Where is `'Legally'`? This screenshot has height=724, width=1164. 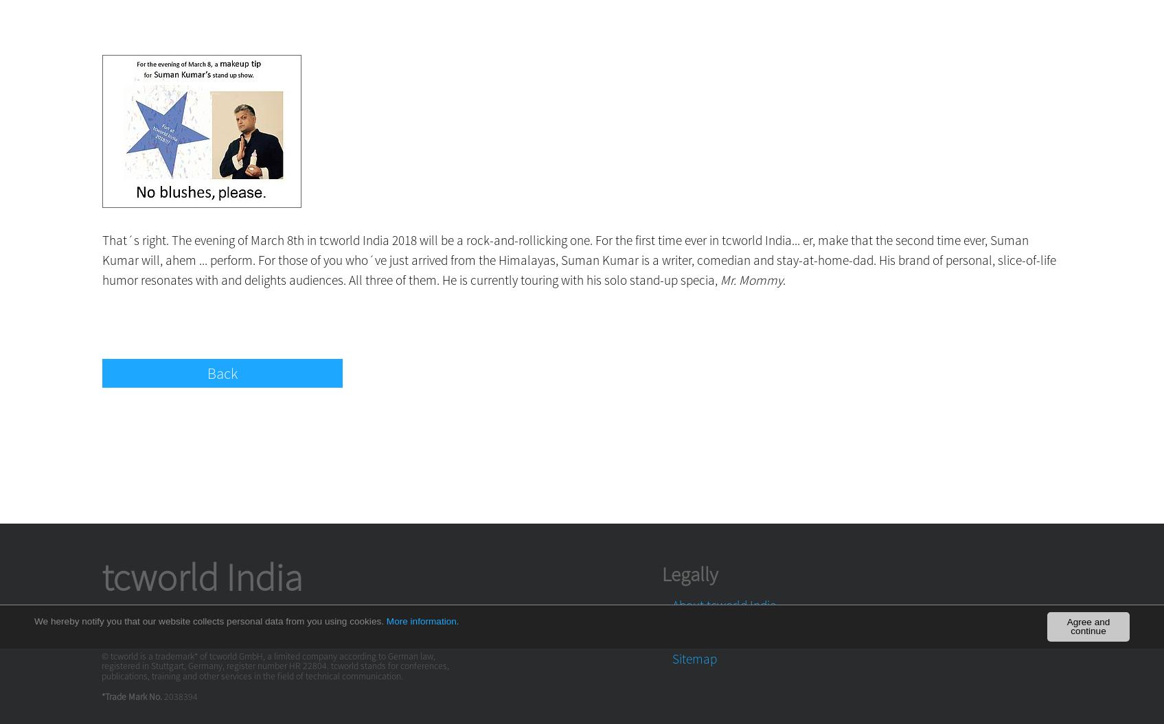
'Legally' is located at coordinates (689, 573).